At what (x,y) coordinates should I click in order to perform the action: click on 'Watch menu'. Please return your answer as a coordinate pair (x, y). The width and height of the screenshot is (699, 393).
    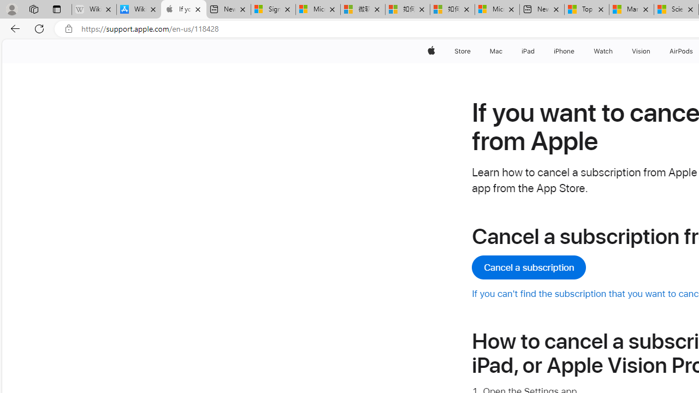
    Looking at the image, I should click on (615, 51).